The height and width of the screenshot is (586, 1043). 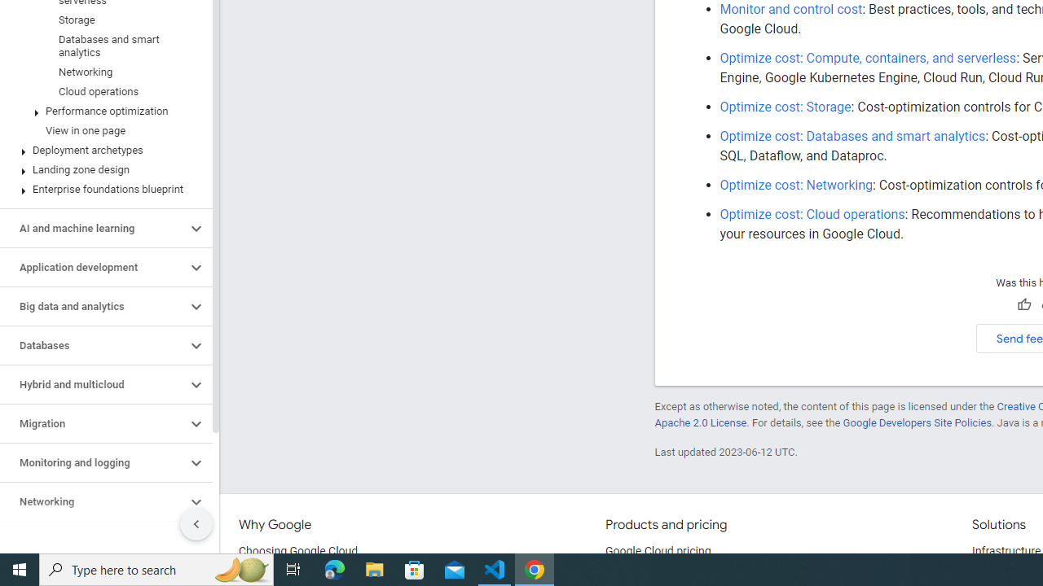 I want to click on 'Helpful', so click(x=1023, y=305).